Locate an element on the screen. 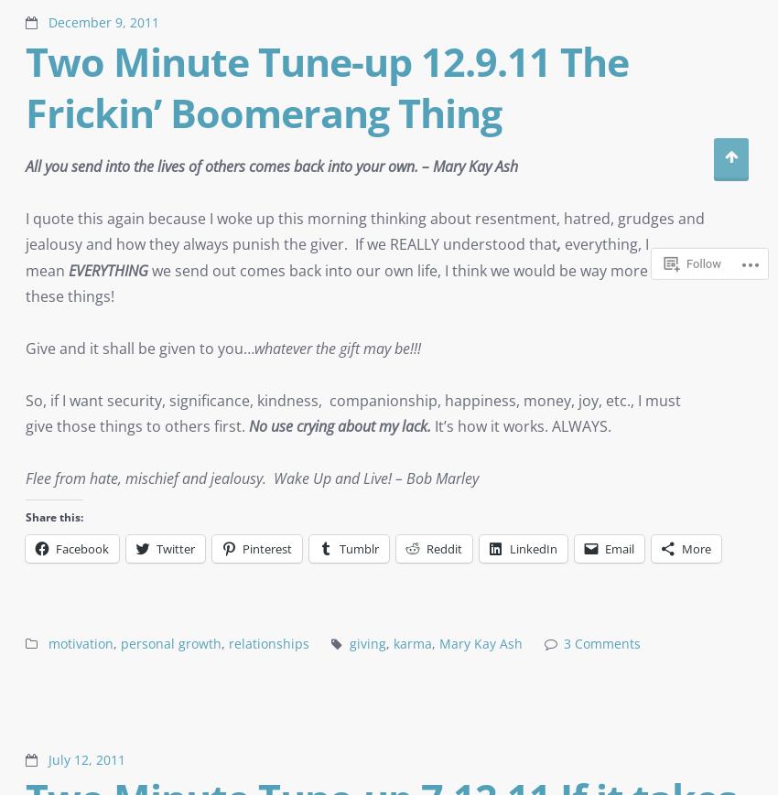  'No use crying about my lack.' is located at coordinates (339, 425).